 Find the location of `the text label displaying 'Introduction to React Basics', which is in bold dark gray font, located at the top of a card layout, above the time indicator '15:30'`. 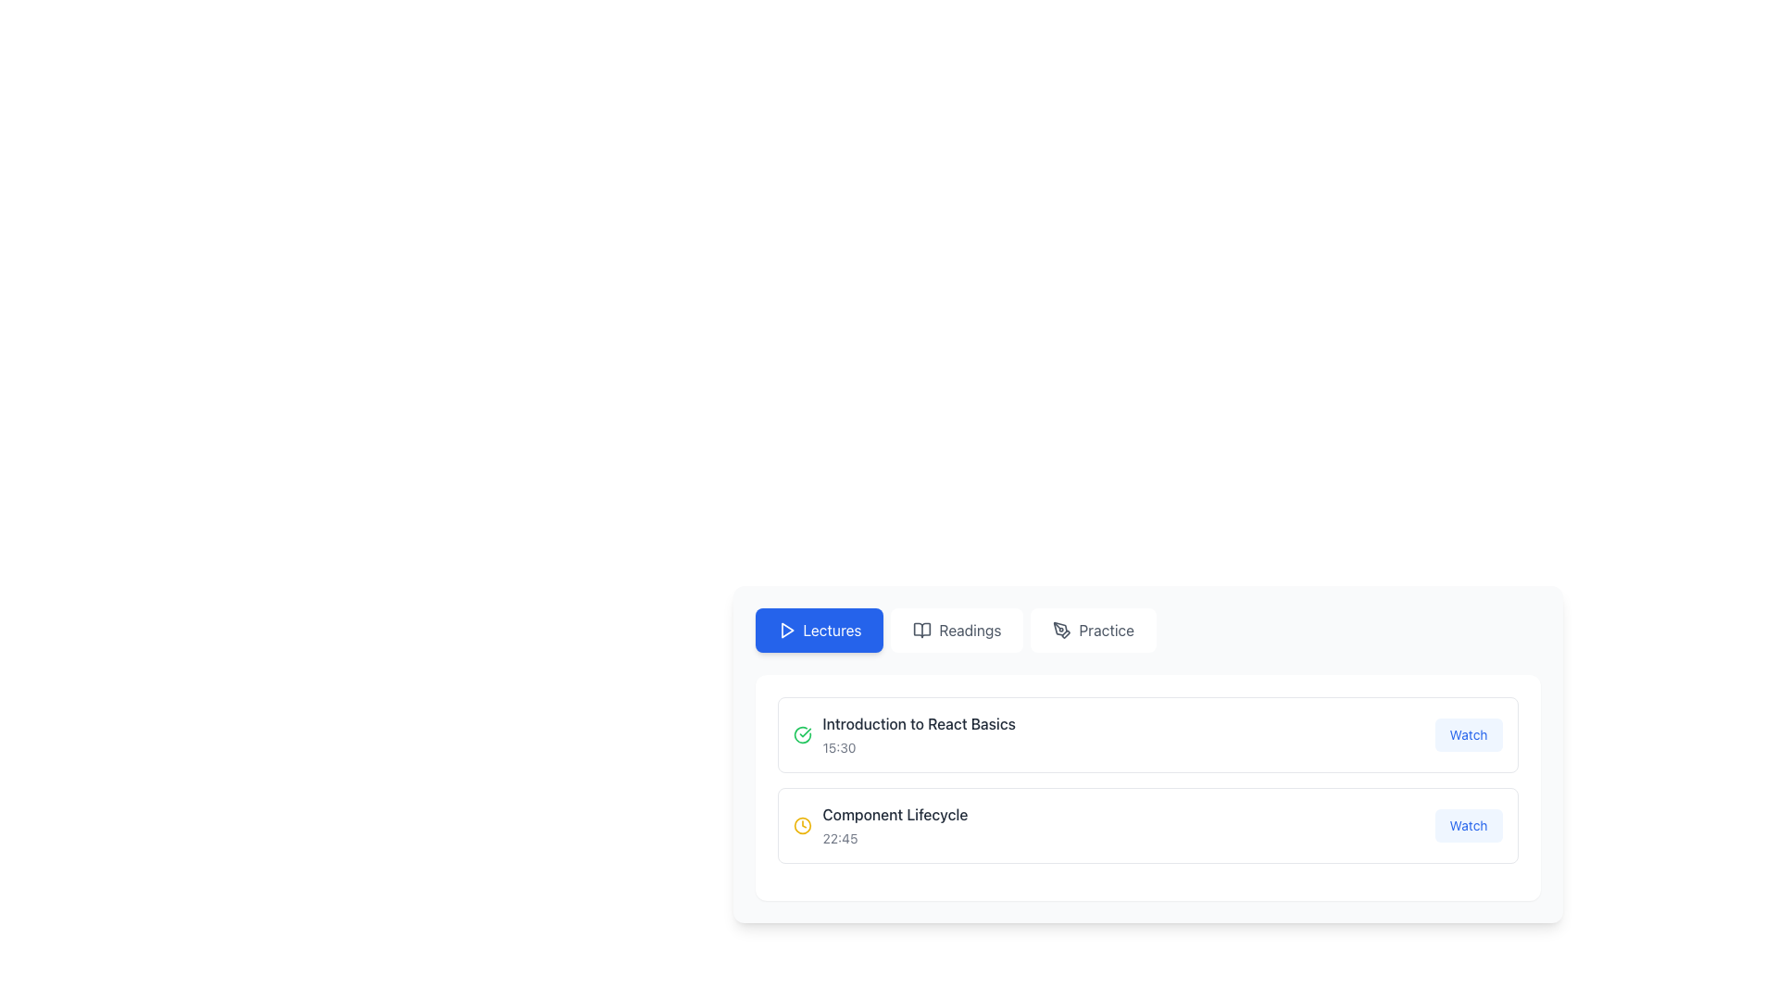

the text label displaying 'Introduction to React Basics', which is in bold dark gray font, located at the top of a card layout, above the time indicator '15:30' is located at coordinates (919, 723).